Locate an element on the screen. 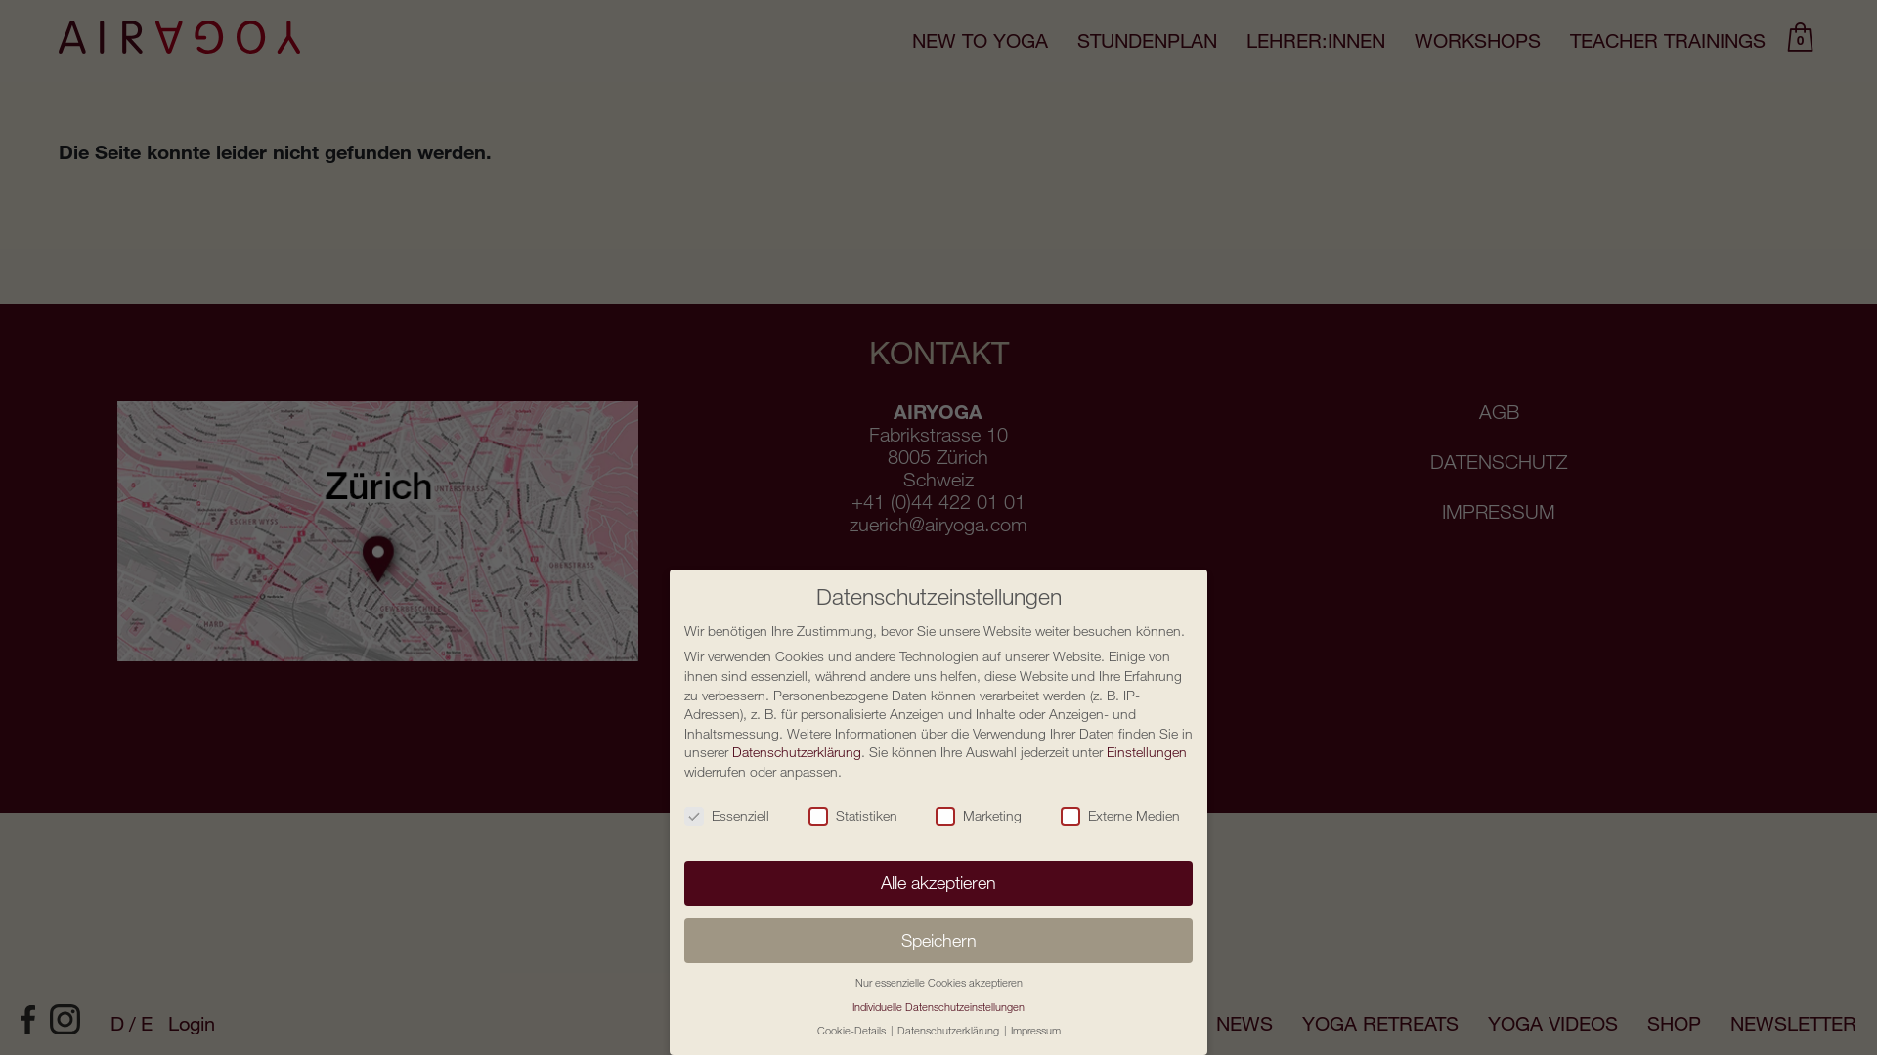 The height and width of the screenshot is (1055, 1877). 'Individuelle Datenschutzeinstellungen' is located at coordinates (938, 1006).